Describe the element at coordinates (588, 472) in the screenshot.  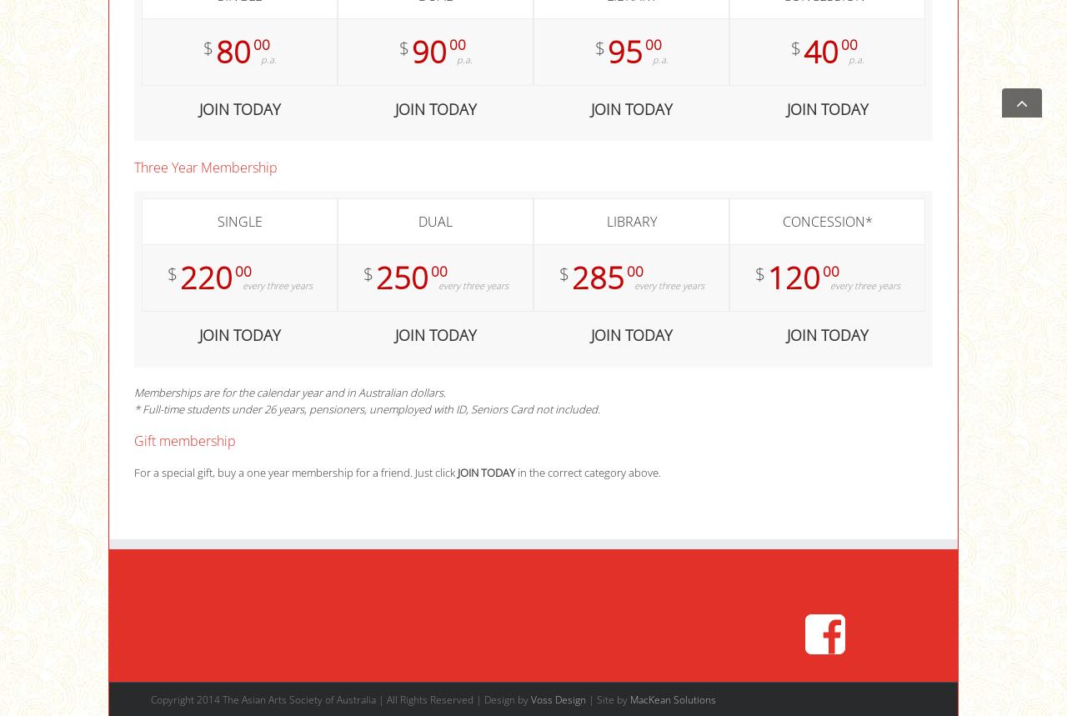
I see `'in the correct category above.'` at that location.